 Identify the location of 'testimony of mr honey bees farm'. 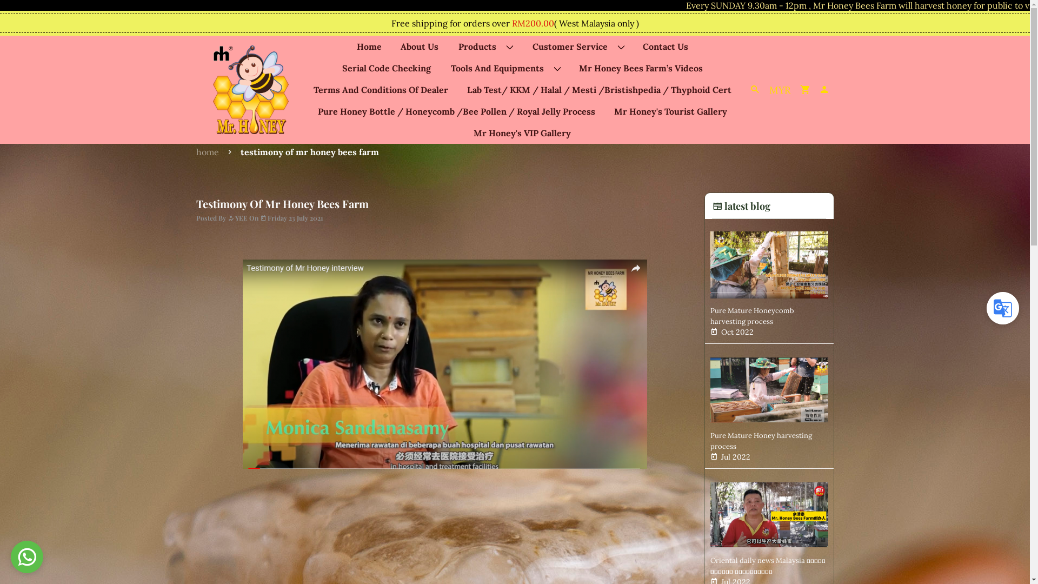
(308, 152).